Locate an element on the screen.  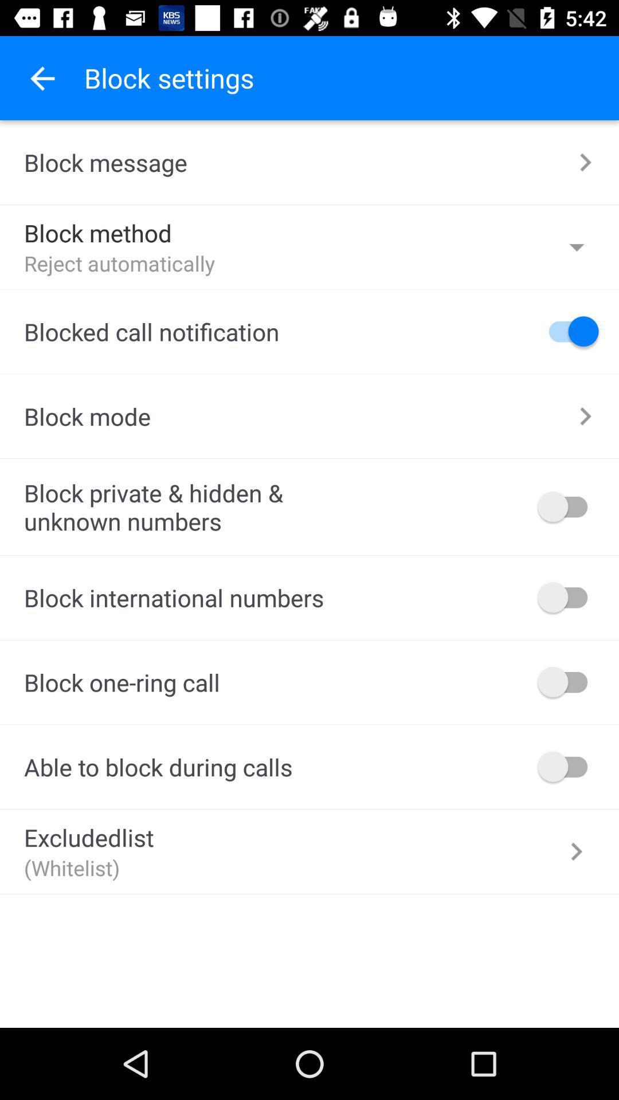
item to the left of block settings item is located at coordinates (41, 77).